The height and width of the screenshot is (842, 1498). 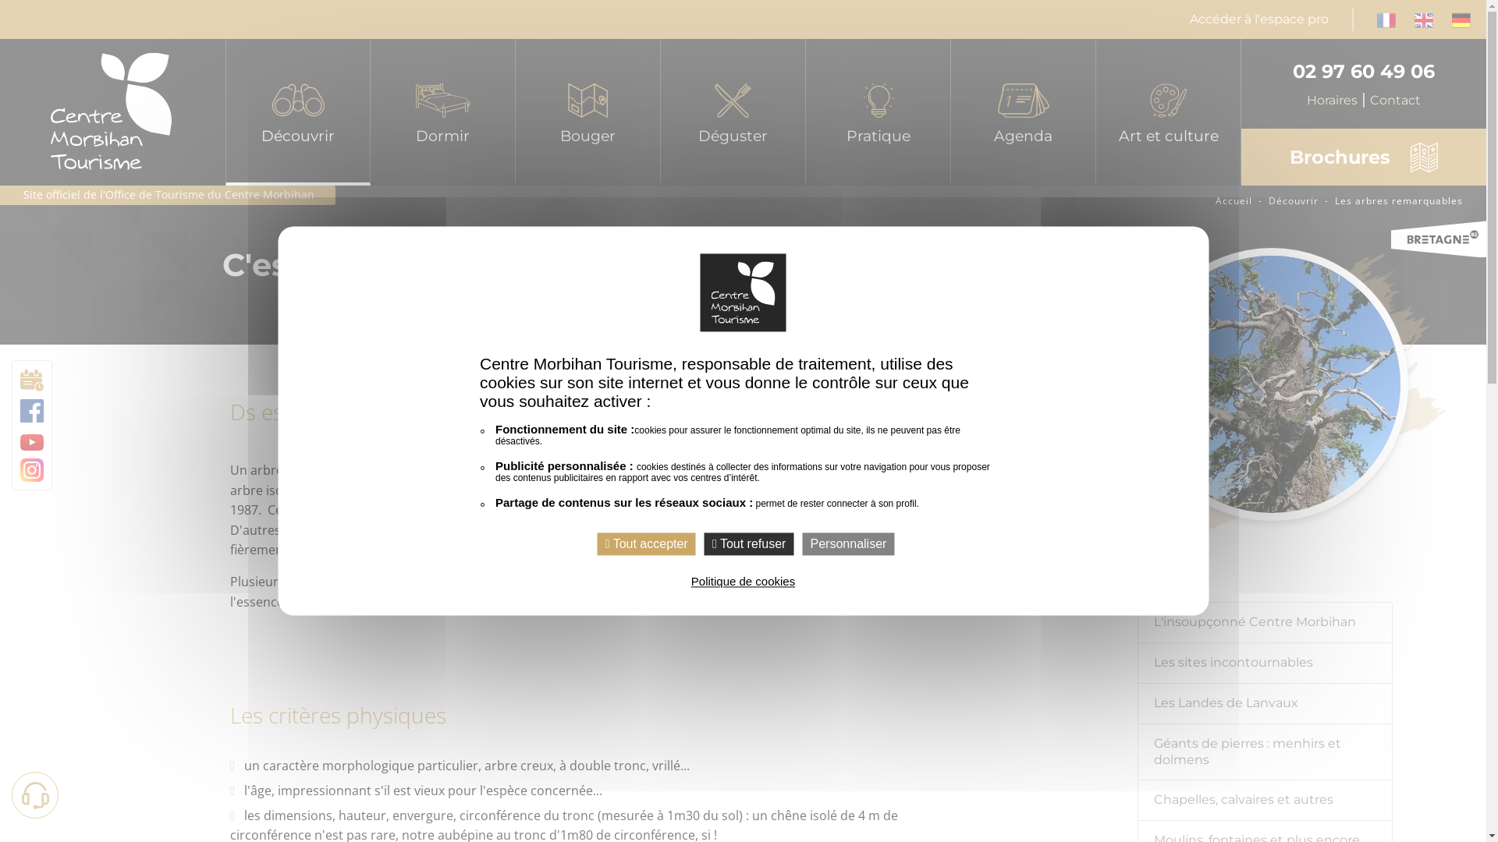 I want to click on 'Dormir', so click(x=442, y=111).